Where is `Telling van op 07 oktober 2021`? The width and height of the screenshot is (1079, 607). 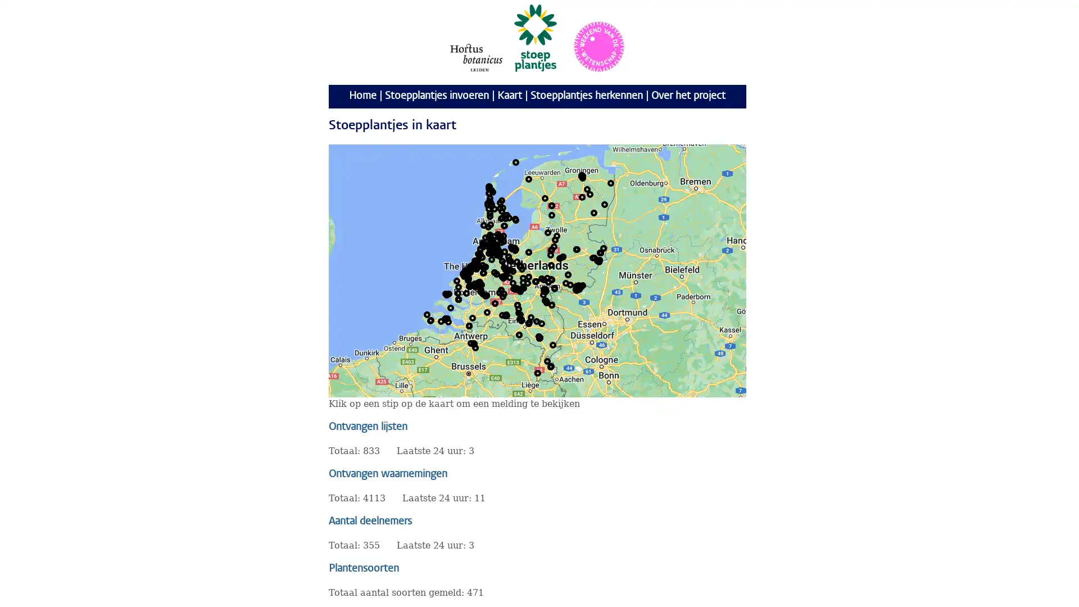
Telling van op 07 oktober 2021 is located at coordinates (491, 248).